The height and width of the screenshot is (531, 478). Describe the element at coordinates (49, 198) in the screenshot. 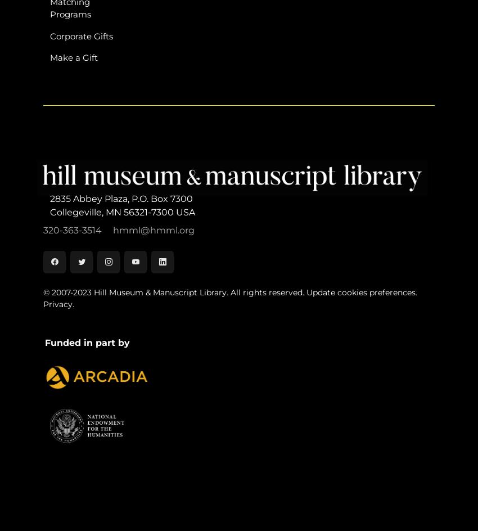

I see `'2835 Abbey Plaza, P.O. Box 7300'` at that location.